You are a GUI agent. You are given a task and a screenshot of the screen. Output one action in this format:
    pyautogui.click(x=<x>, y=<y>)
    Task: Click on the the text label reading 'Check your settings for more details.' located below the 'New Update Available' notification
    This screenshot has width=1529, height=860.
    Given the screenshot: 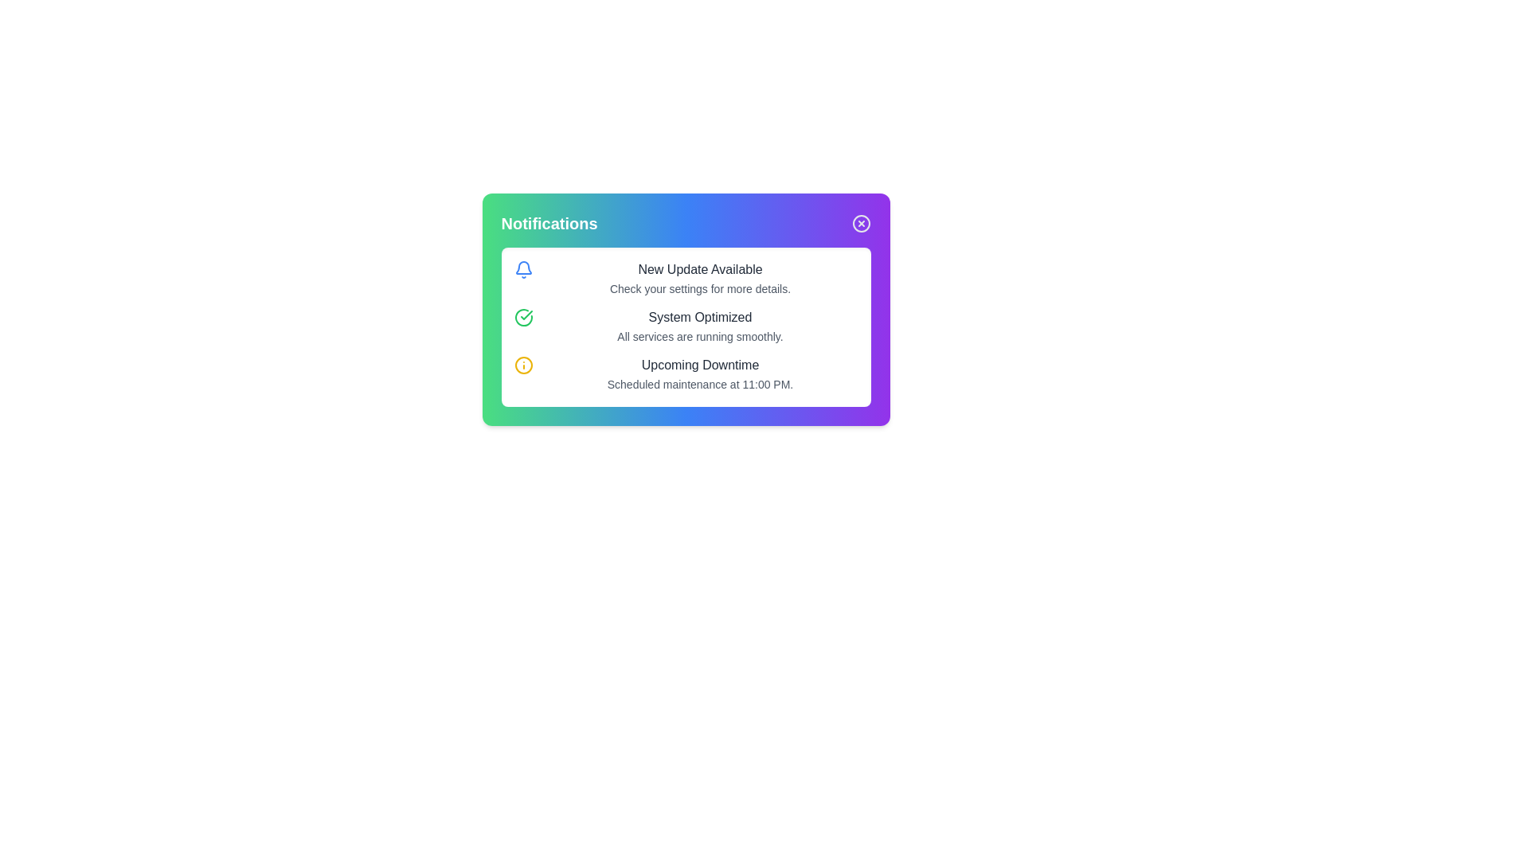 What is the action you would take?
    pyautogui.click(x=700, y=288)
    